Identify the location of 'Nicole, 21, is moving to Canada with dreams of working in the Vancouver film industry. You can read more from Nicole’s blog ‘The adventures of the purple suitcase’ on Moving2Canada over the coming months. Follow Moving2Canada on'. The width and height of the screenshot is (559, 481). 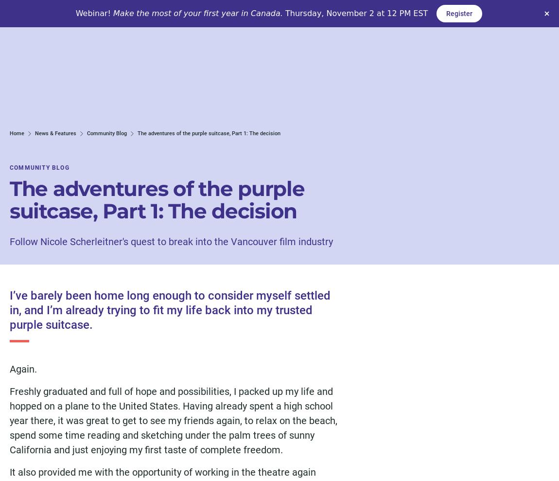
(174, 275).